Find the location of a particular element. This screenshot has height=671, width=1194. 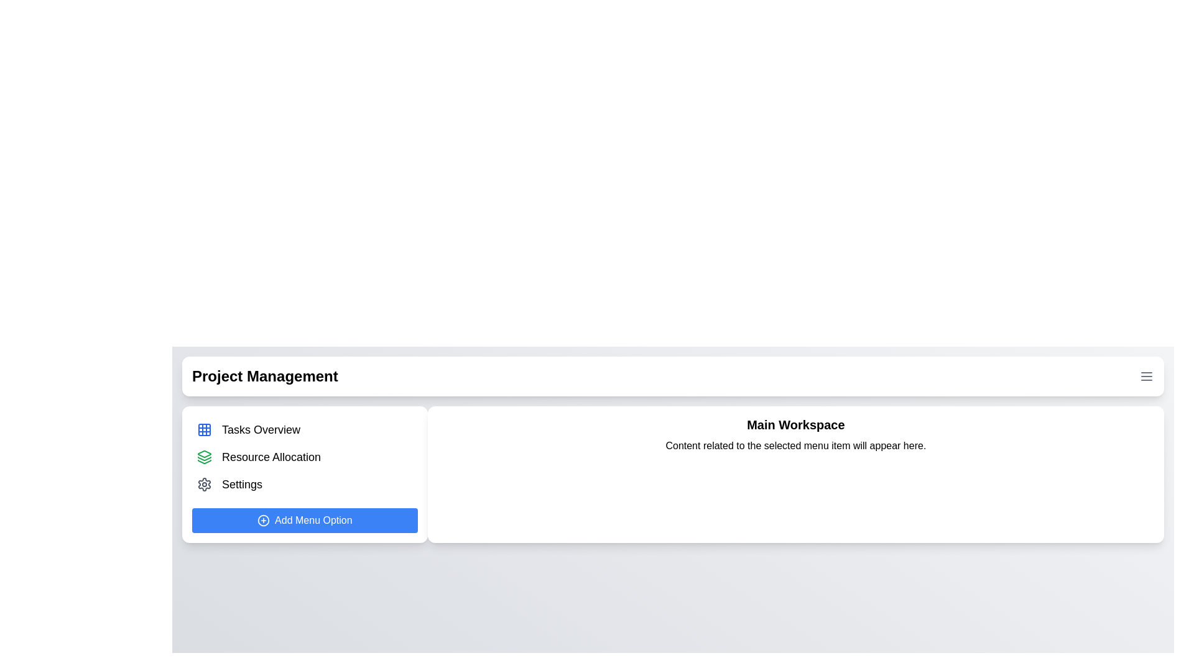

the menu item Resource Allocation from the list is located at coordinates (305, 457).